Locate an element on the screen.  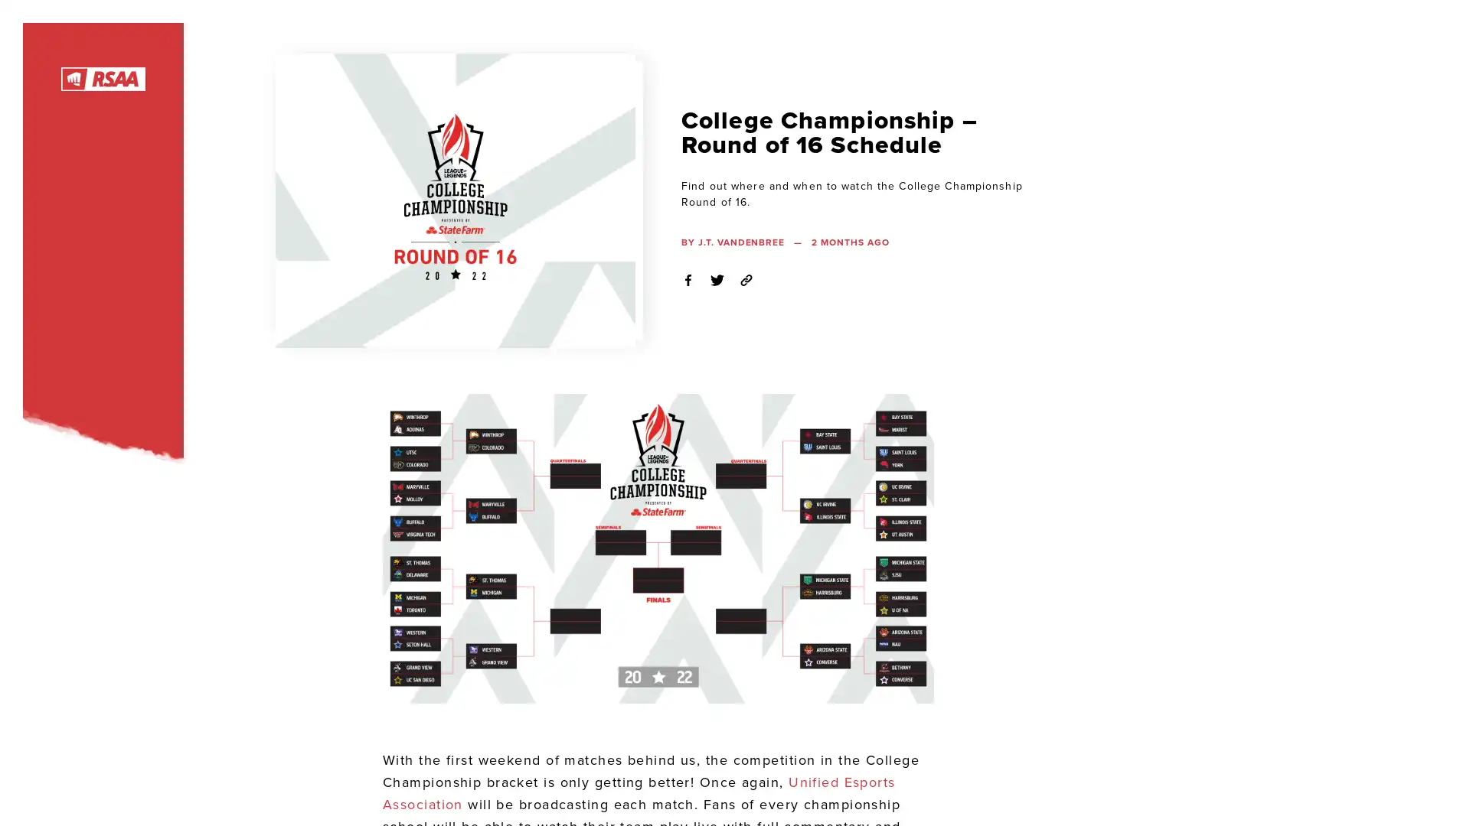
Copy Link is located at coordinates (746, 280).